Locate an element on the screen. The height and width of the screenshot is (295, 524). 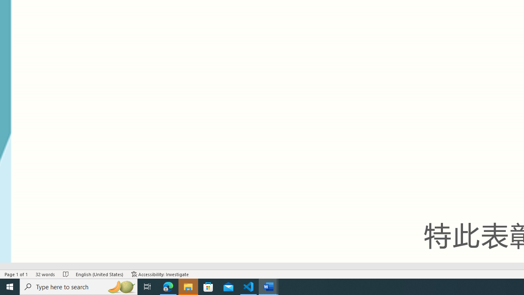
'Word - 2 running windows' is located at coordinates (269, 286).